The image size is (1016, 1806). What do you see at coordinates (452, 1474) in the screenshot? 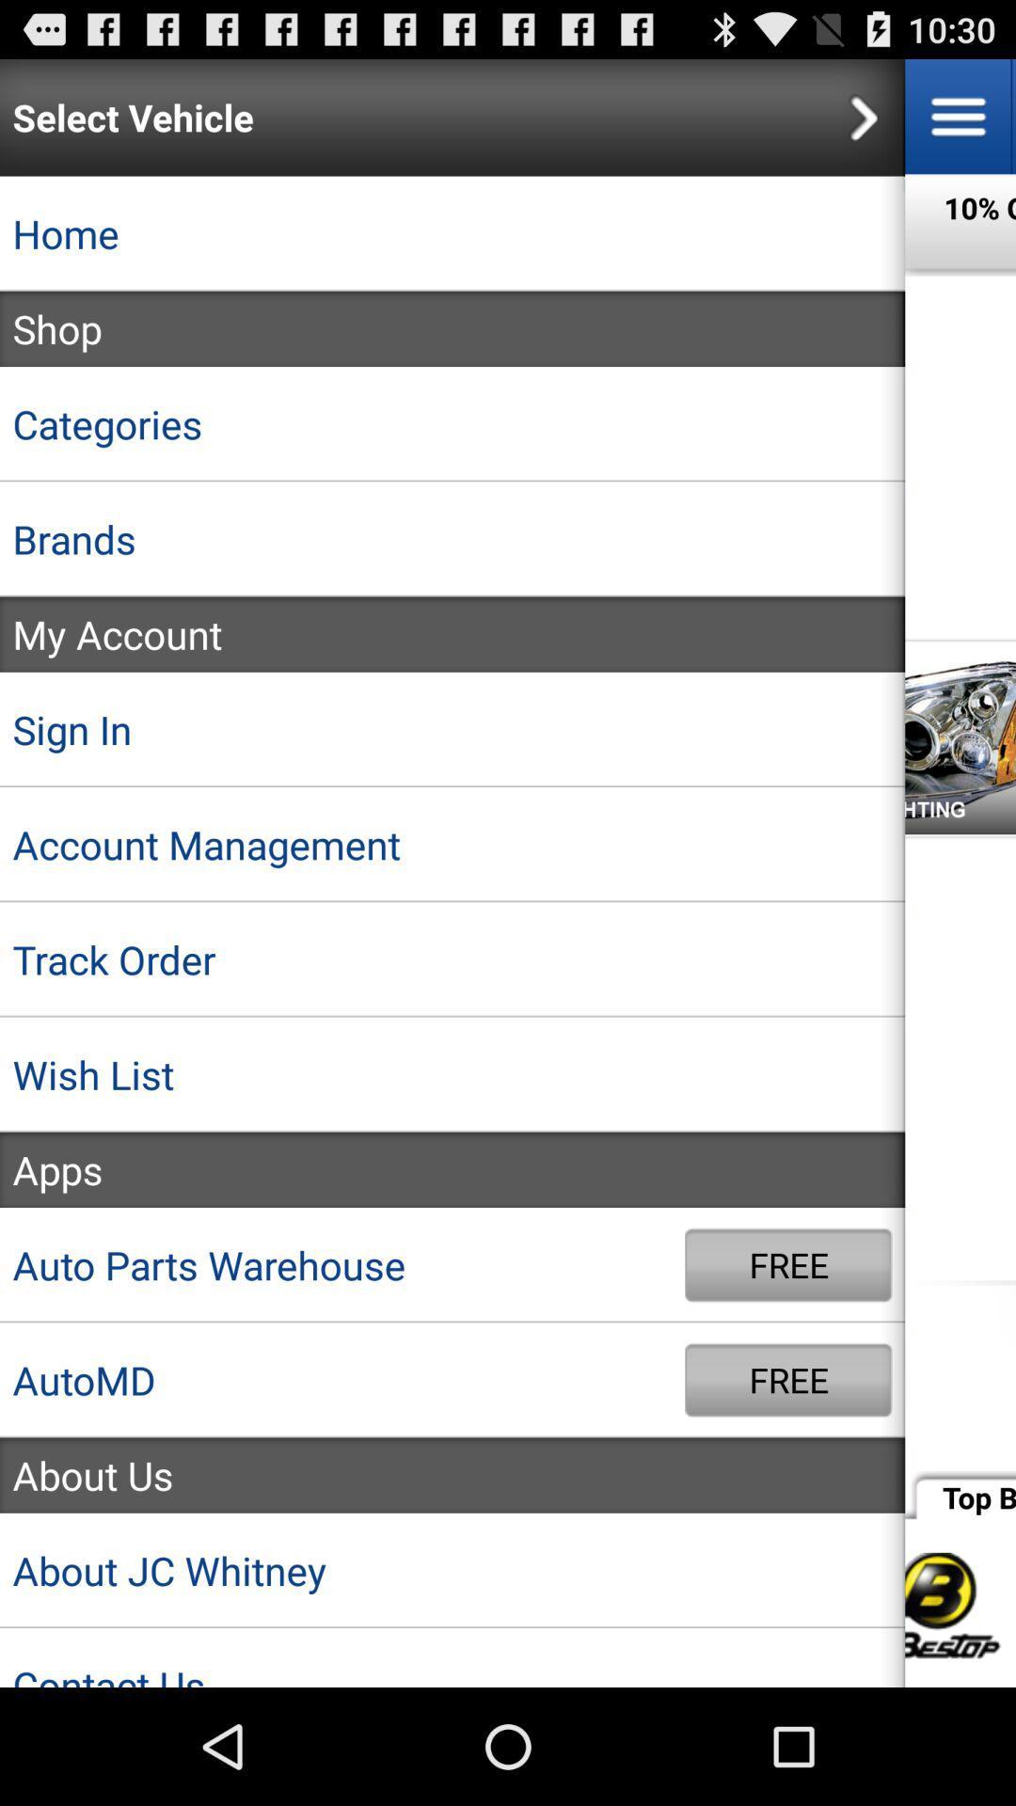
I see `the about us app` at bounding box center [452, 1474].